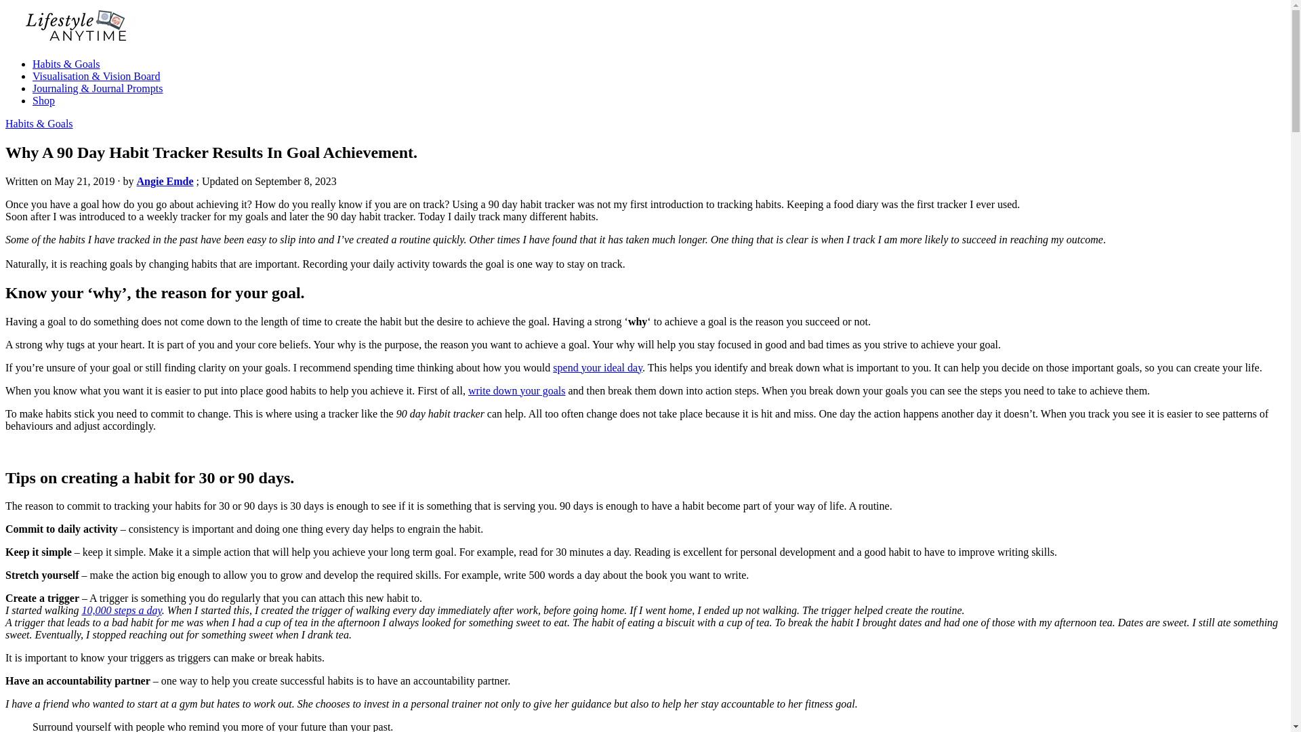 Image resolution: width=1301 pixels, height=732 pixels. I want to click on '10,000 steps a day', so click(121, 610).